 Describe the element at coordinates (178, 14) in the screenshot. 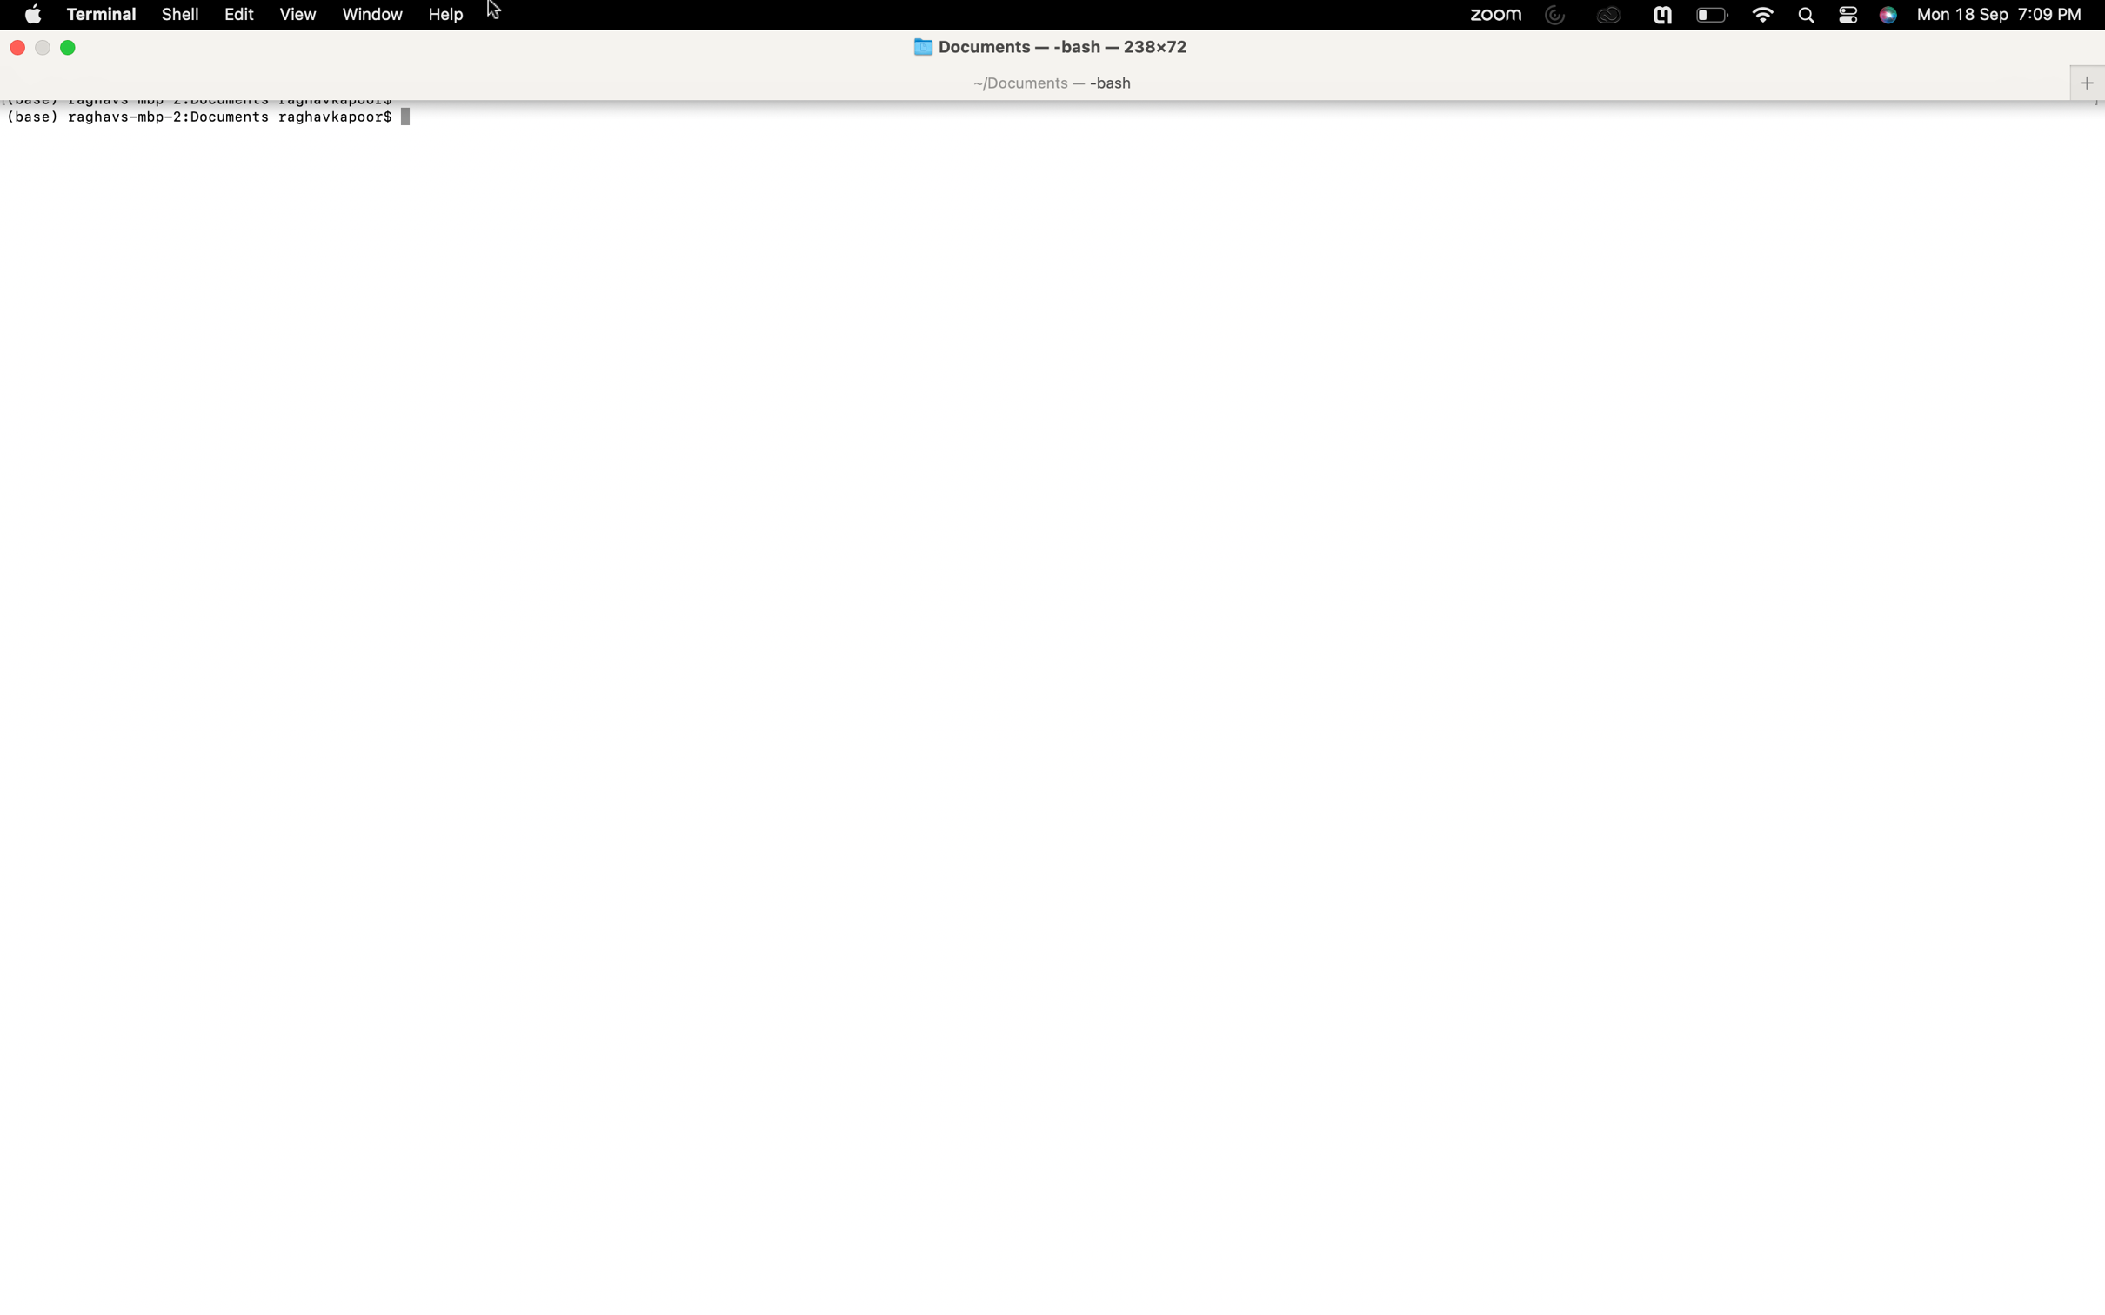

I see `shell options and choose the "font size" option` at that location.